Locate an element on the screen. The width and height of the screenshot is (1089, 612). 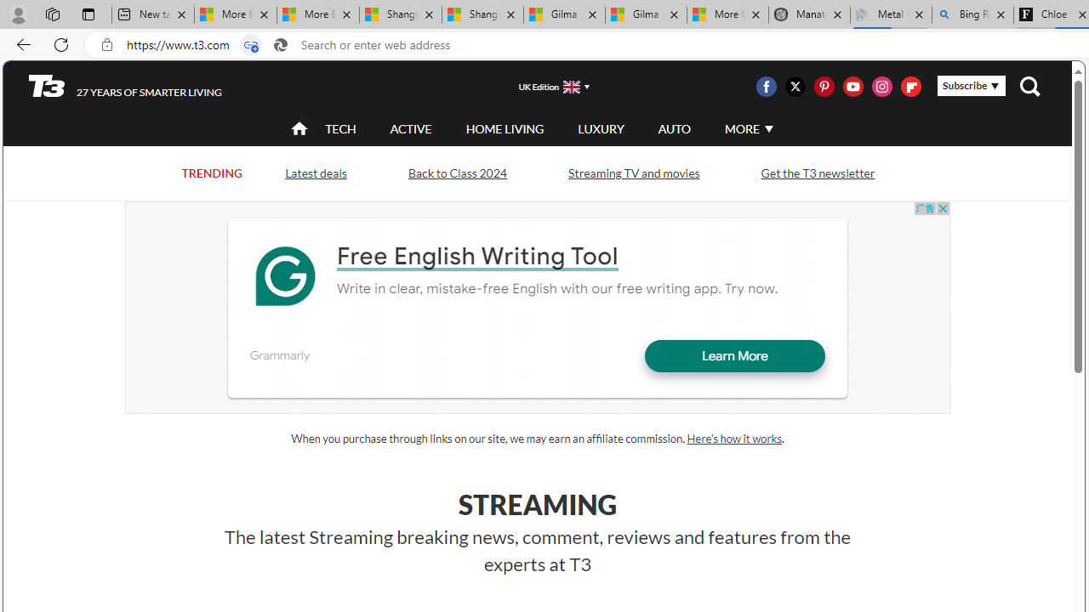
'Personal Profile' is located at coordinates (18, 14).